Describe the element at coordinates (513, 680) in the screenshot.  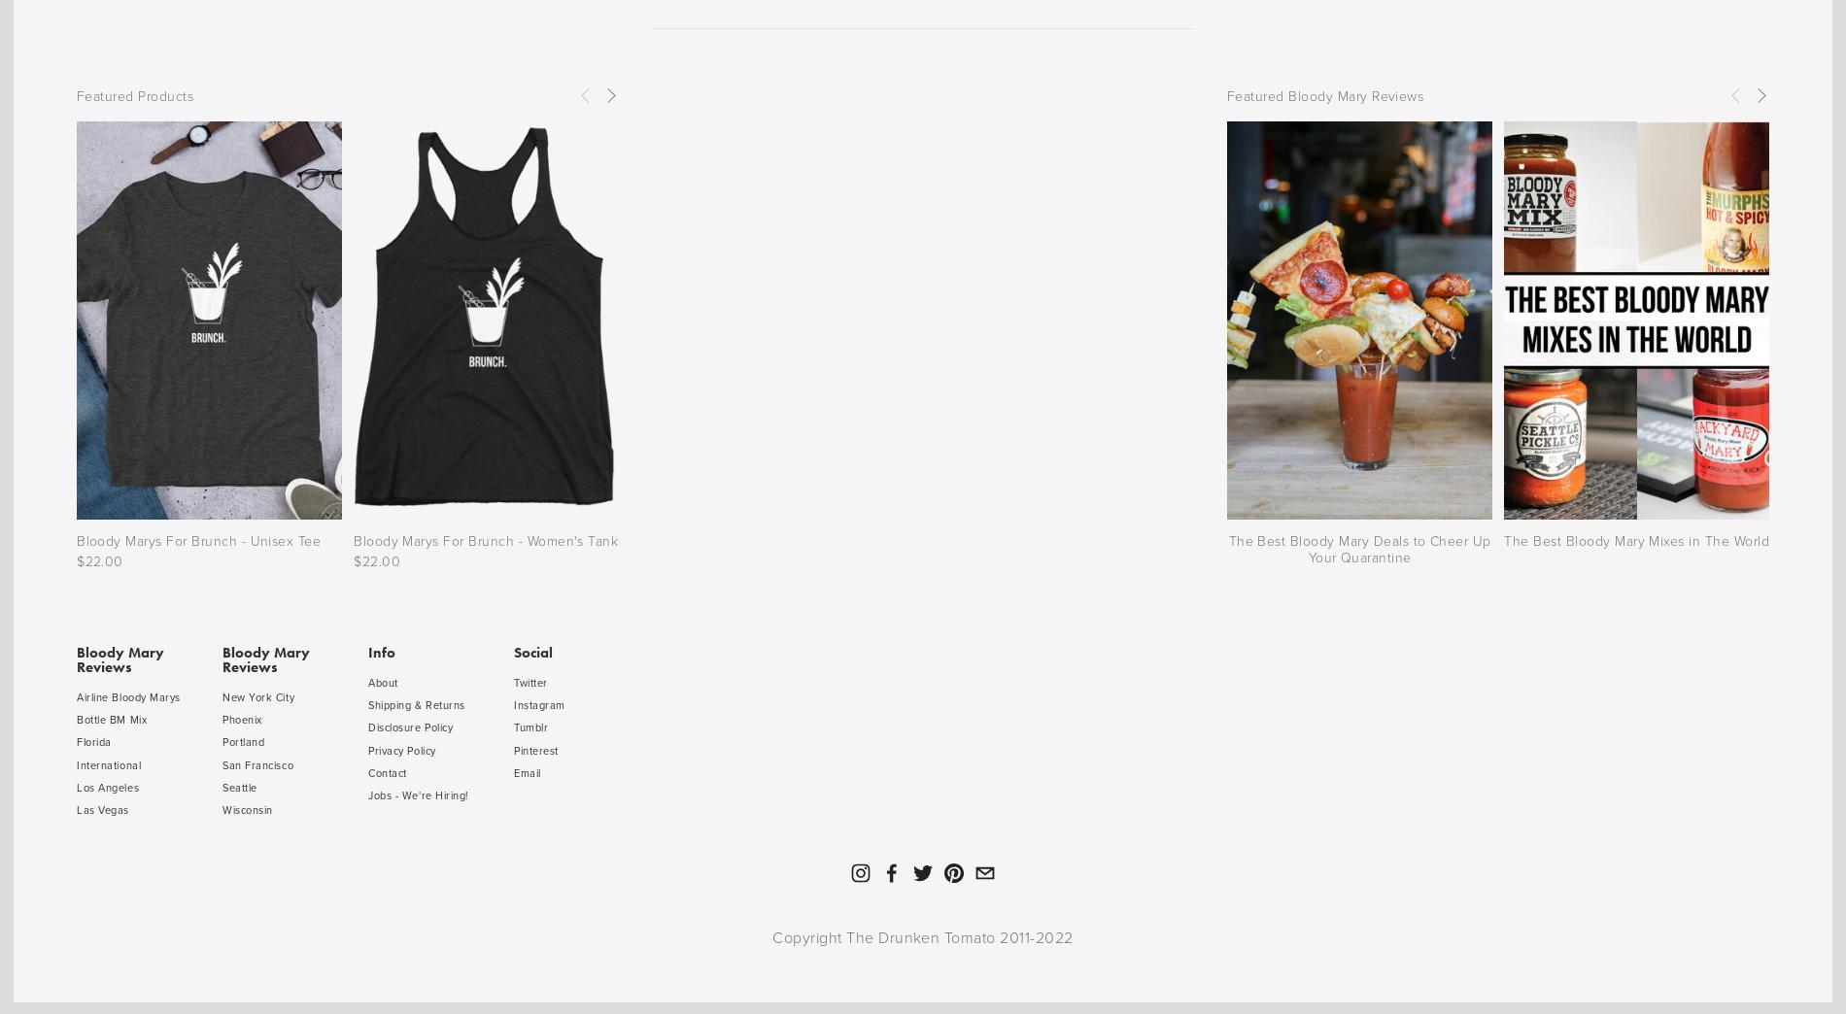
I see `'Twitter'` at that location.